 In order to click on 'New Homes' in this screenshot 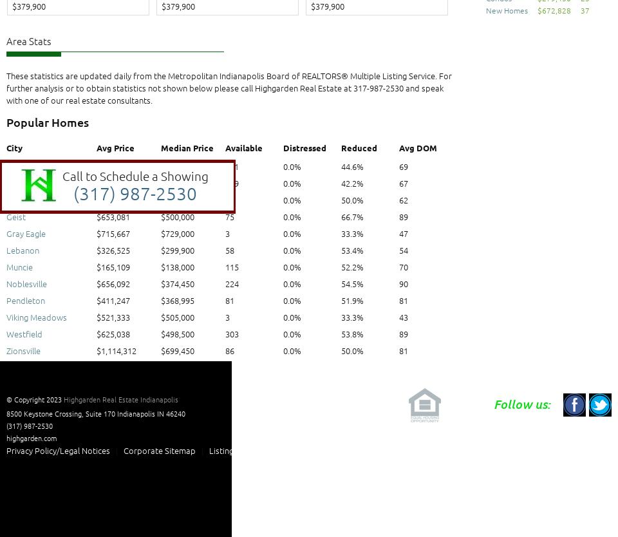, I will do `click(507, 10)`.